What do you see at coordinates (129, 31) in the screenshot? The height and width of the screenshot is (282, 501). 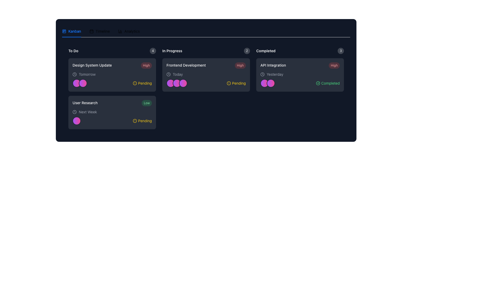 I see `the 'Analytics' tab in the horizontal tab navigation bar` at bounding box center [129, 31].